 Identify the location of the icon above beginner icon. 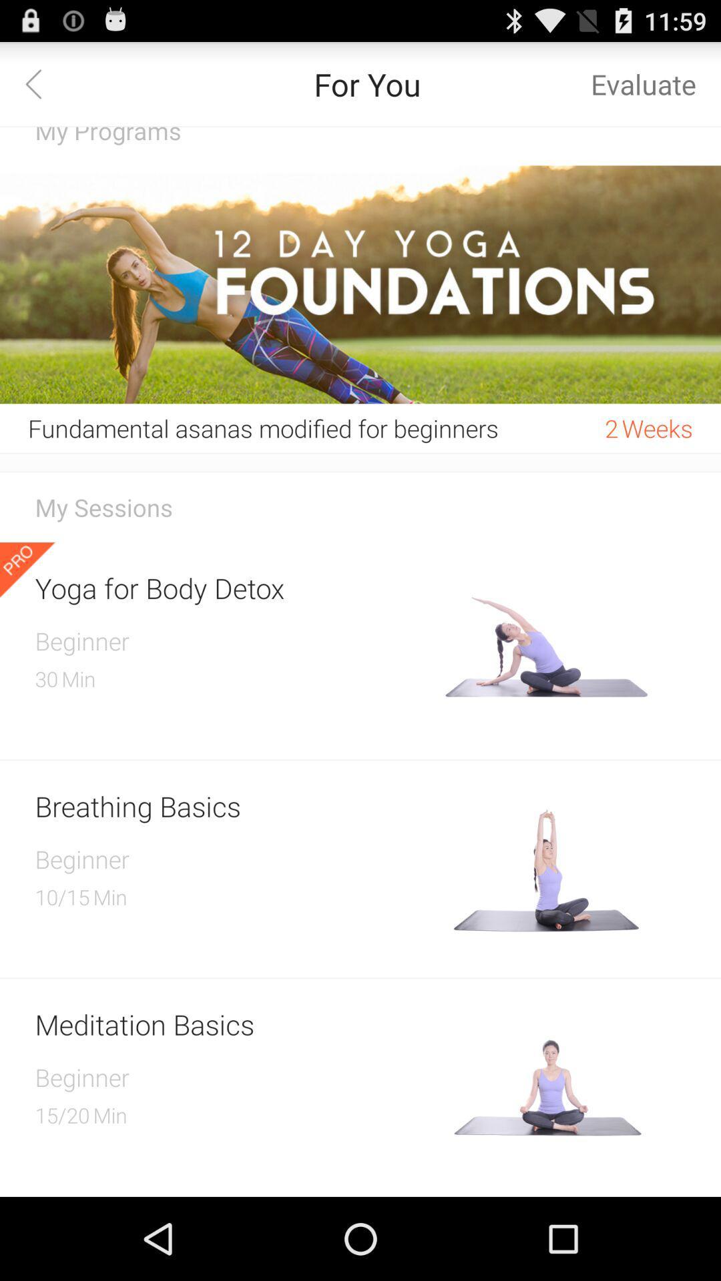
(234, 805).